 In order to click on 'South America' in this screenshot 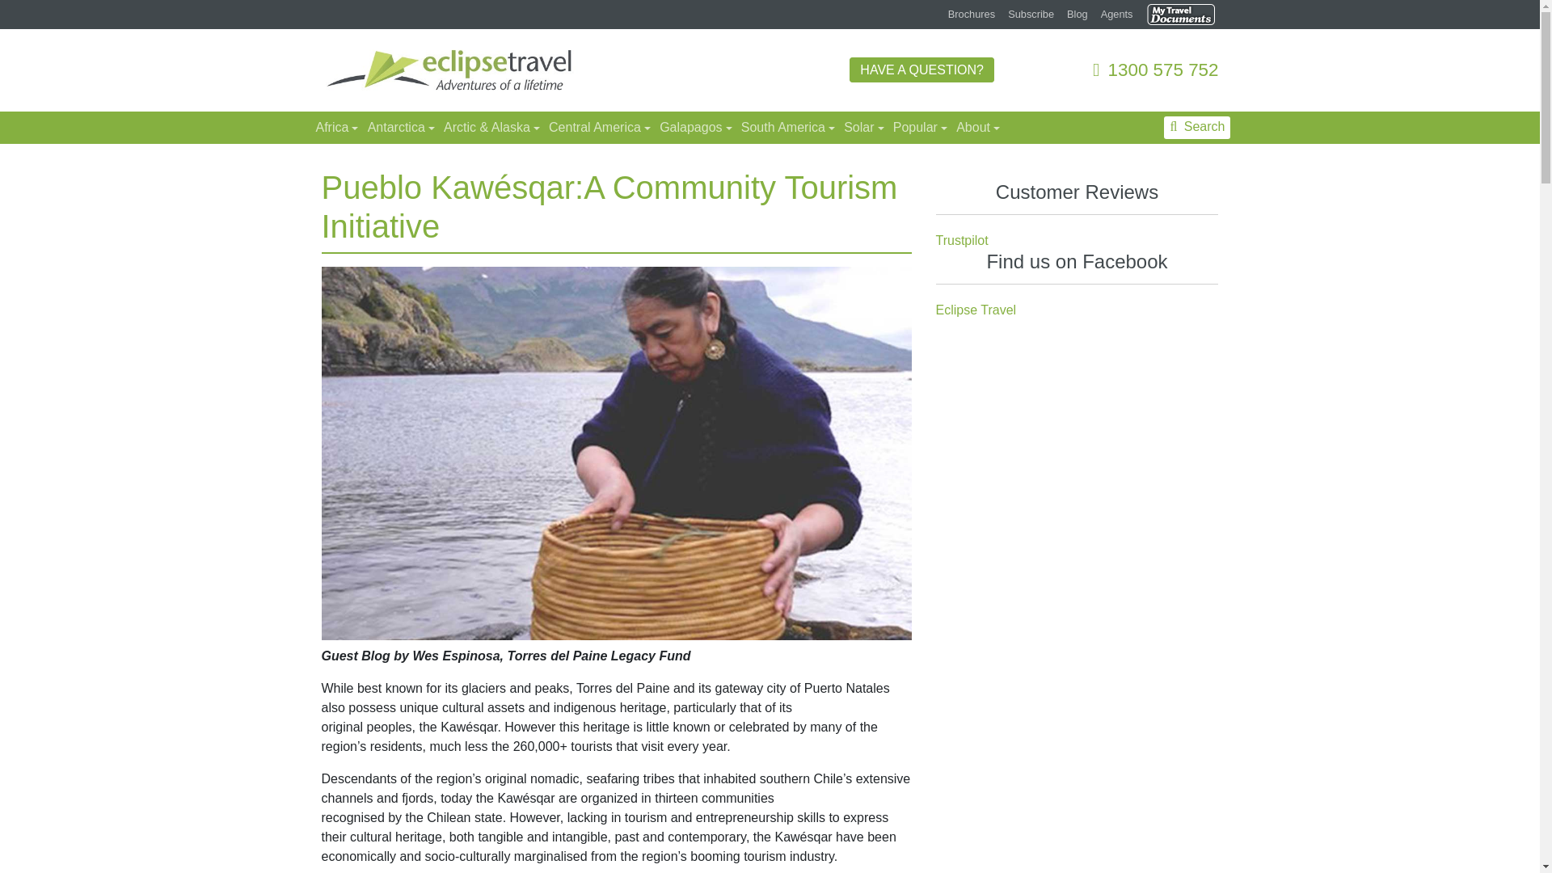, I will do `click(786, 127)`.